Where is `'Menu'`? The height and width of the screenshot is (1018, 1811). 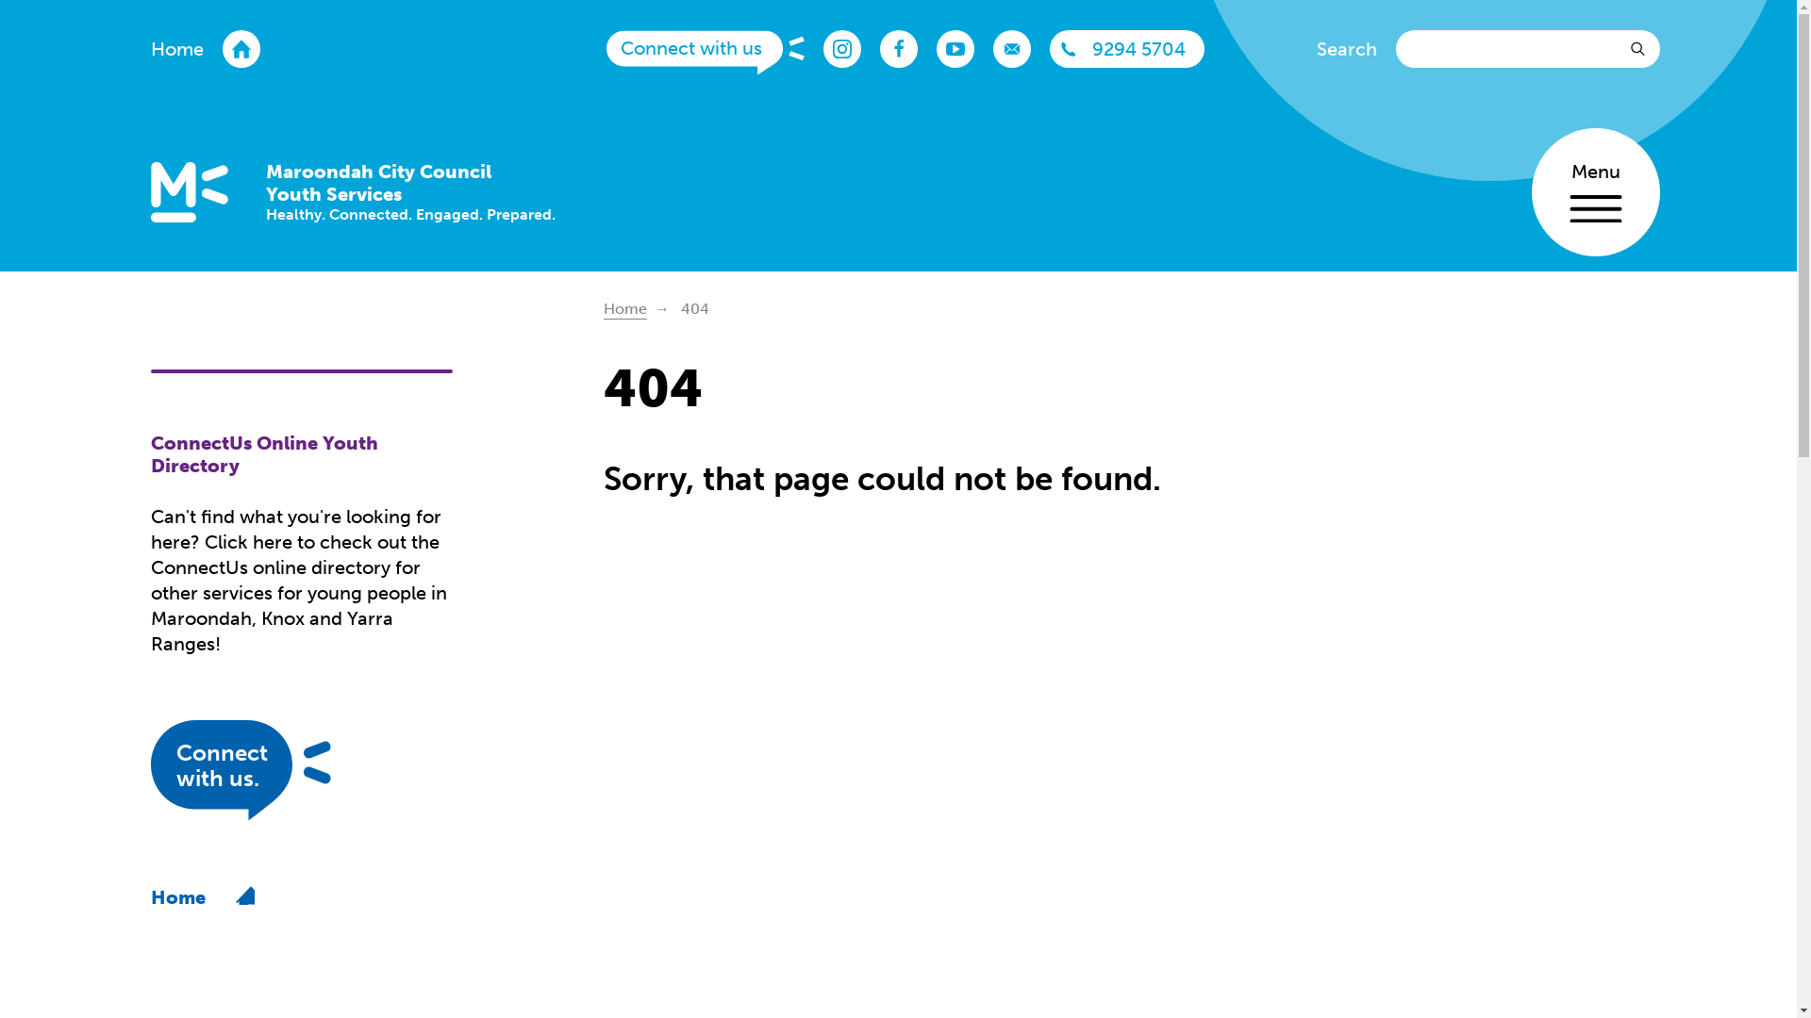
'Menu' is located at coordinates (1594, 192).